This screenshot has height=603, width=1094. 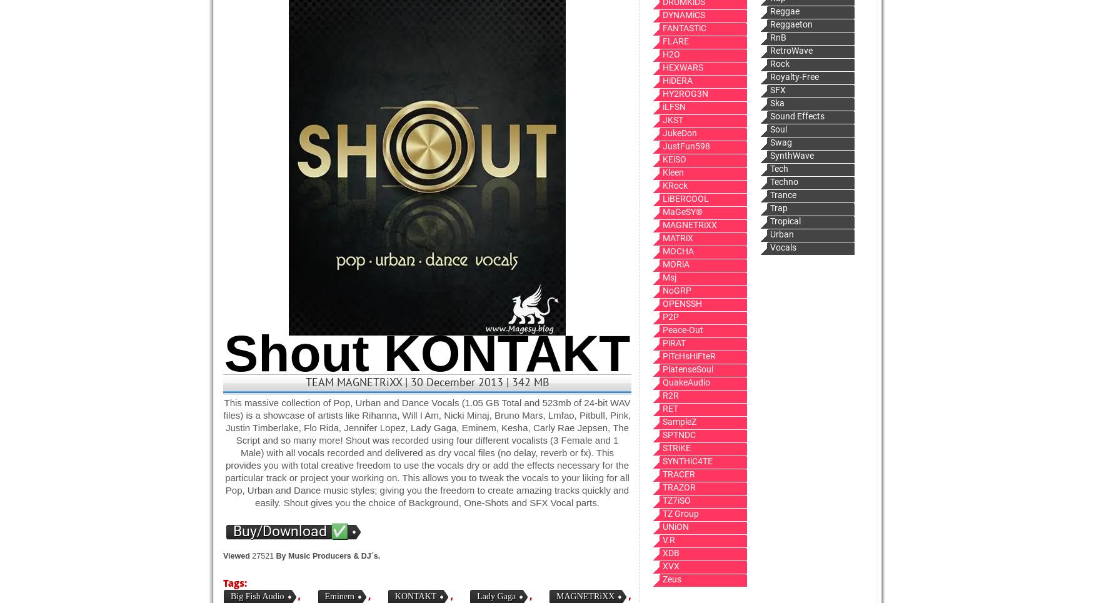 I want to click on 'KONTAKT', so click(x=414, y=596).